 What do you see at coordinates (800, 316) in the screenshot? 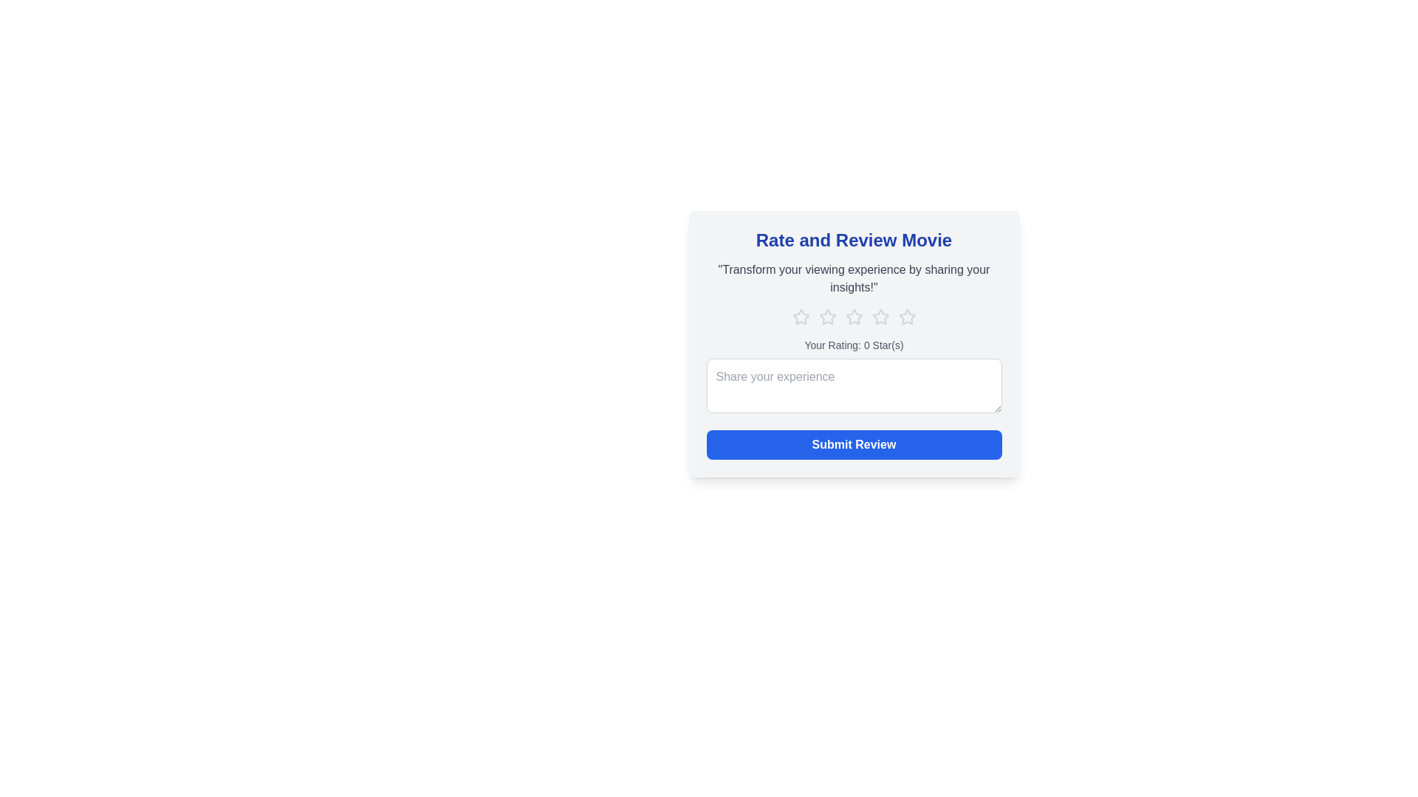
I see `the star corresponding to 1 to set the movie rating` at bounding box center [800, 316].